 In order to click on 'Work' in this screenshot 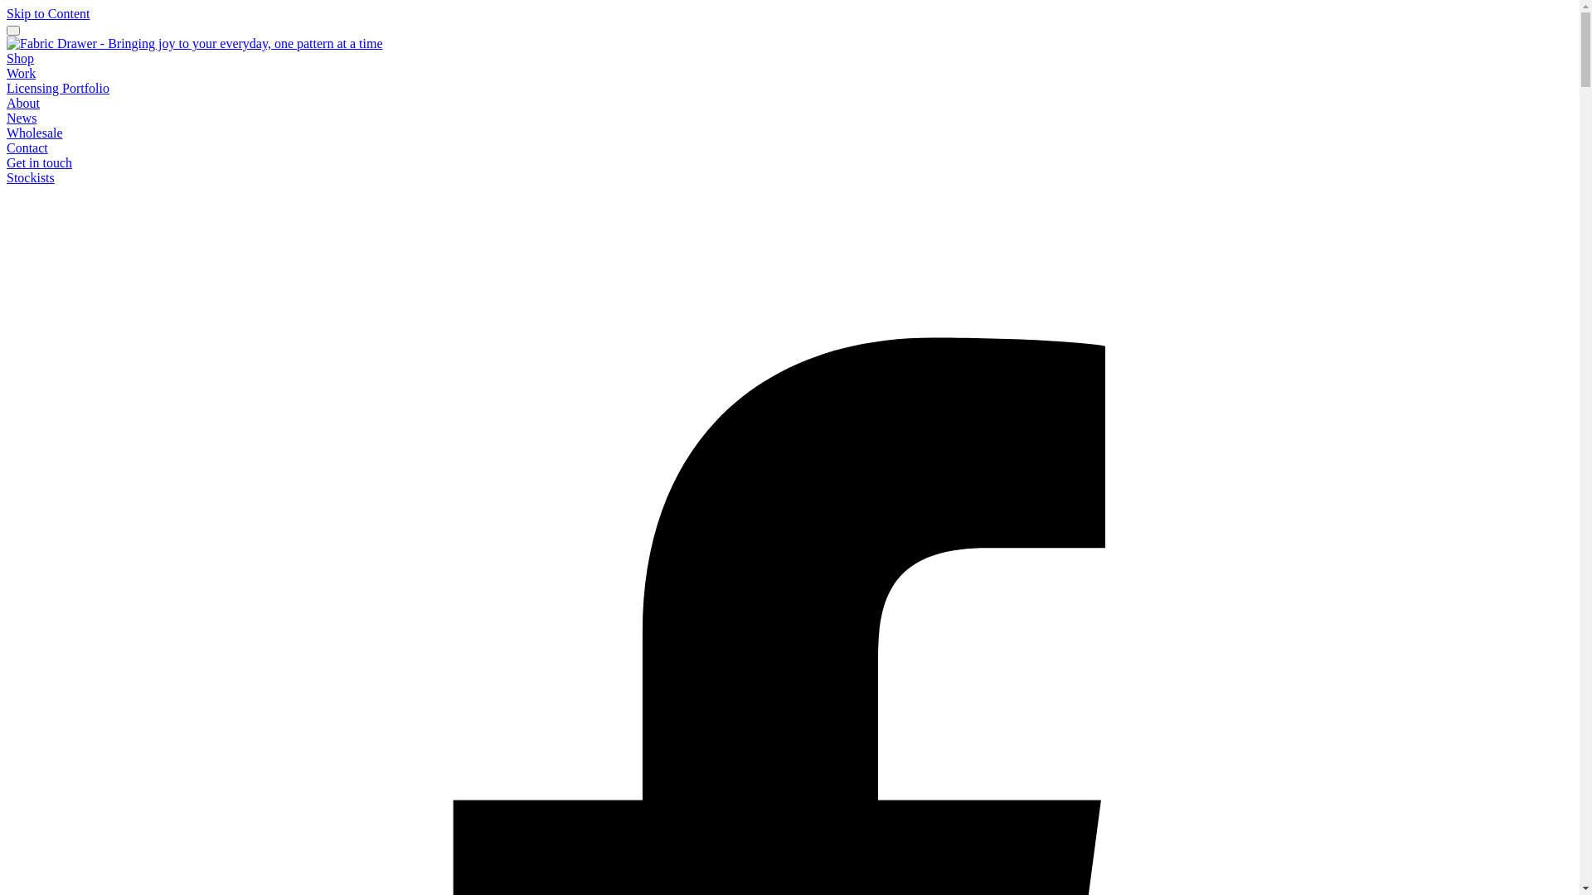, I will do `click(21, 72)`.